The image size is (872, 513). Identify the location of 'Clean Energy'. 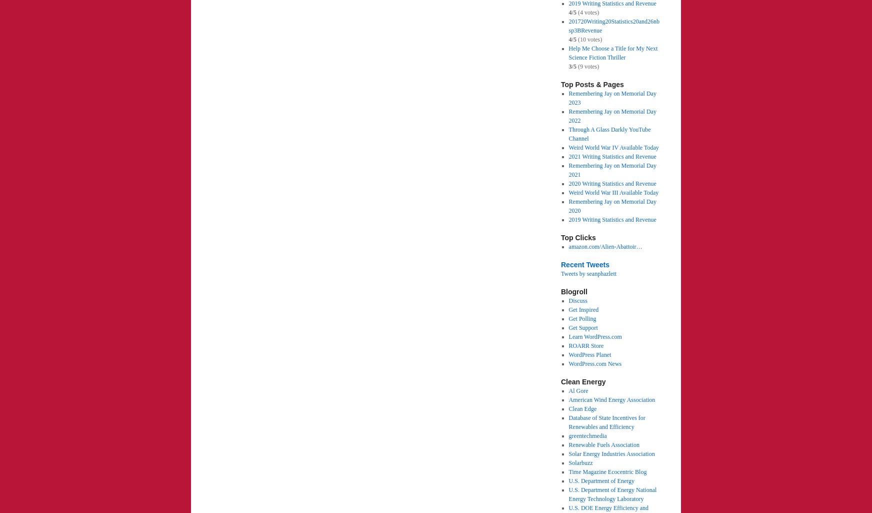
(582, 382).